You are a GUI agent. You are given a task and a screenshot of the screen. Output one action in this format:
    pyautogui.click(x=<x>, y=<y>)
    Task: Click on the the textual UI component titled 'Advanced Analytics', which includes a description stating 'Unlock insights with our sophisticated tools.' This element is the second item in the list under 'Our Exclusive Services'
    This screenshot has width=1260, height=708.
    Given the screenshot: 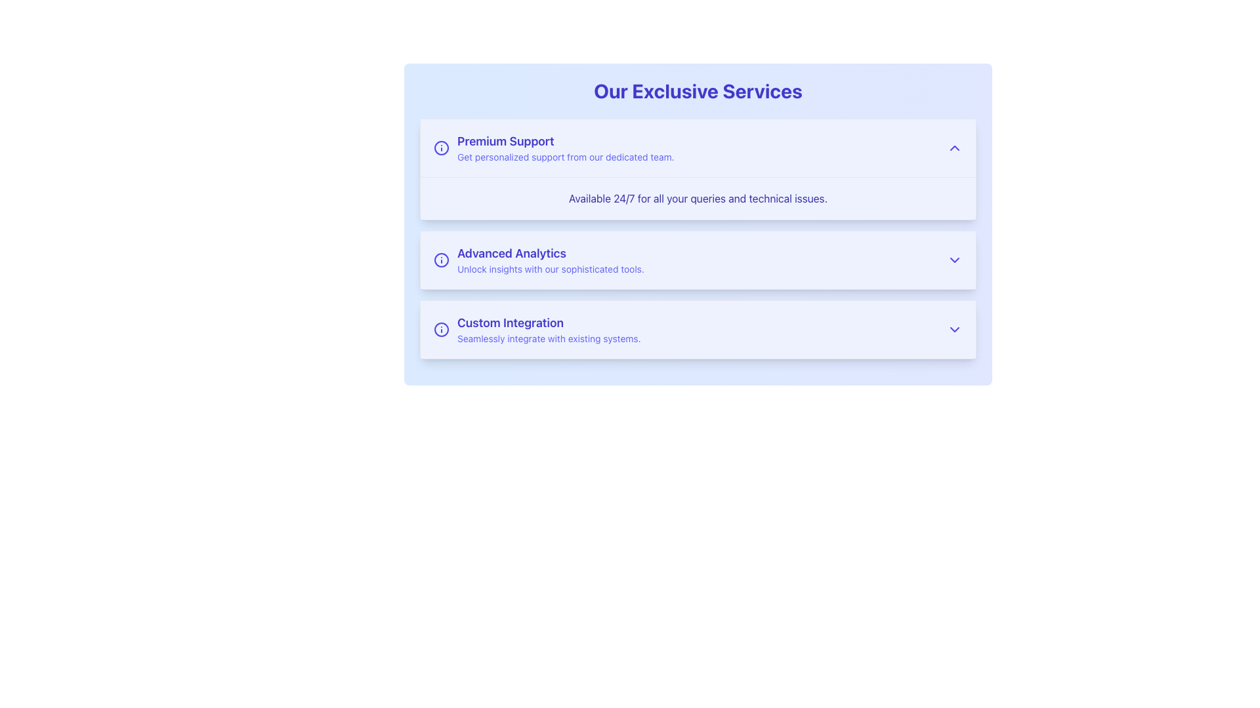 What is the action you would take?
    pyautogui.click(x=551, y=260)
    